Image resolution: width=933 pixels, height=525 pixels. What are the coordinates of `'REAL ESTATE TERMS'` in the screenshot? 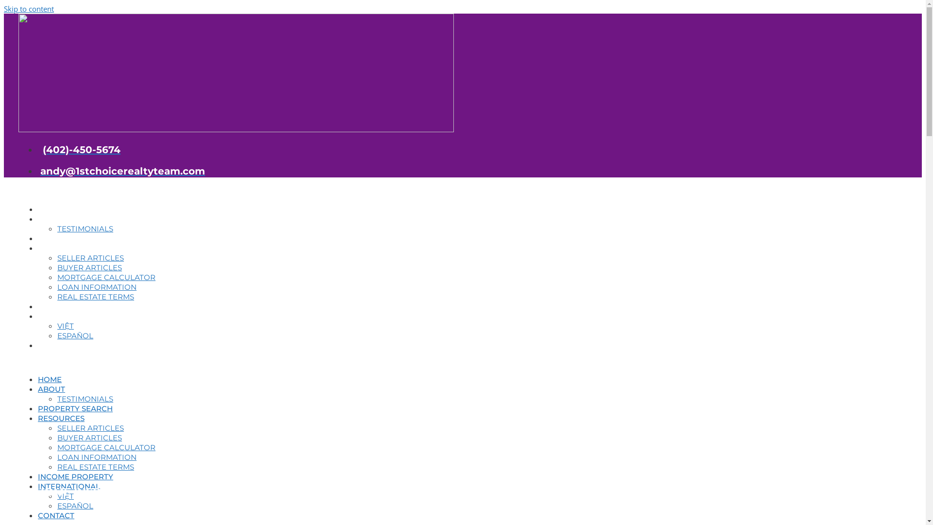 It's located at (95, 466).